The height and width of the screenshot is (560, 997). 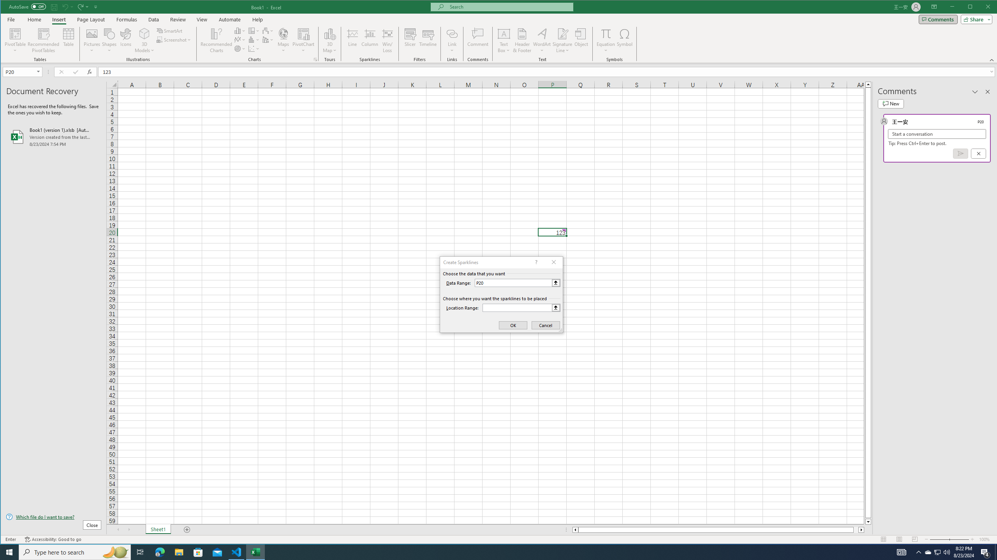 I want to click on 'Insert Combo Chart', so click(x=268, y=40).